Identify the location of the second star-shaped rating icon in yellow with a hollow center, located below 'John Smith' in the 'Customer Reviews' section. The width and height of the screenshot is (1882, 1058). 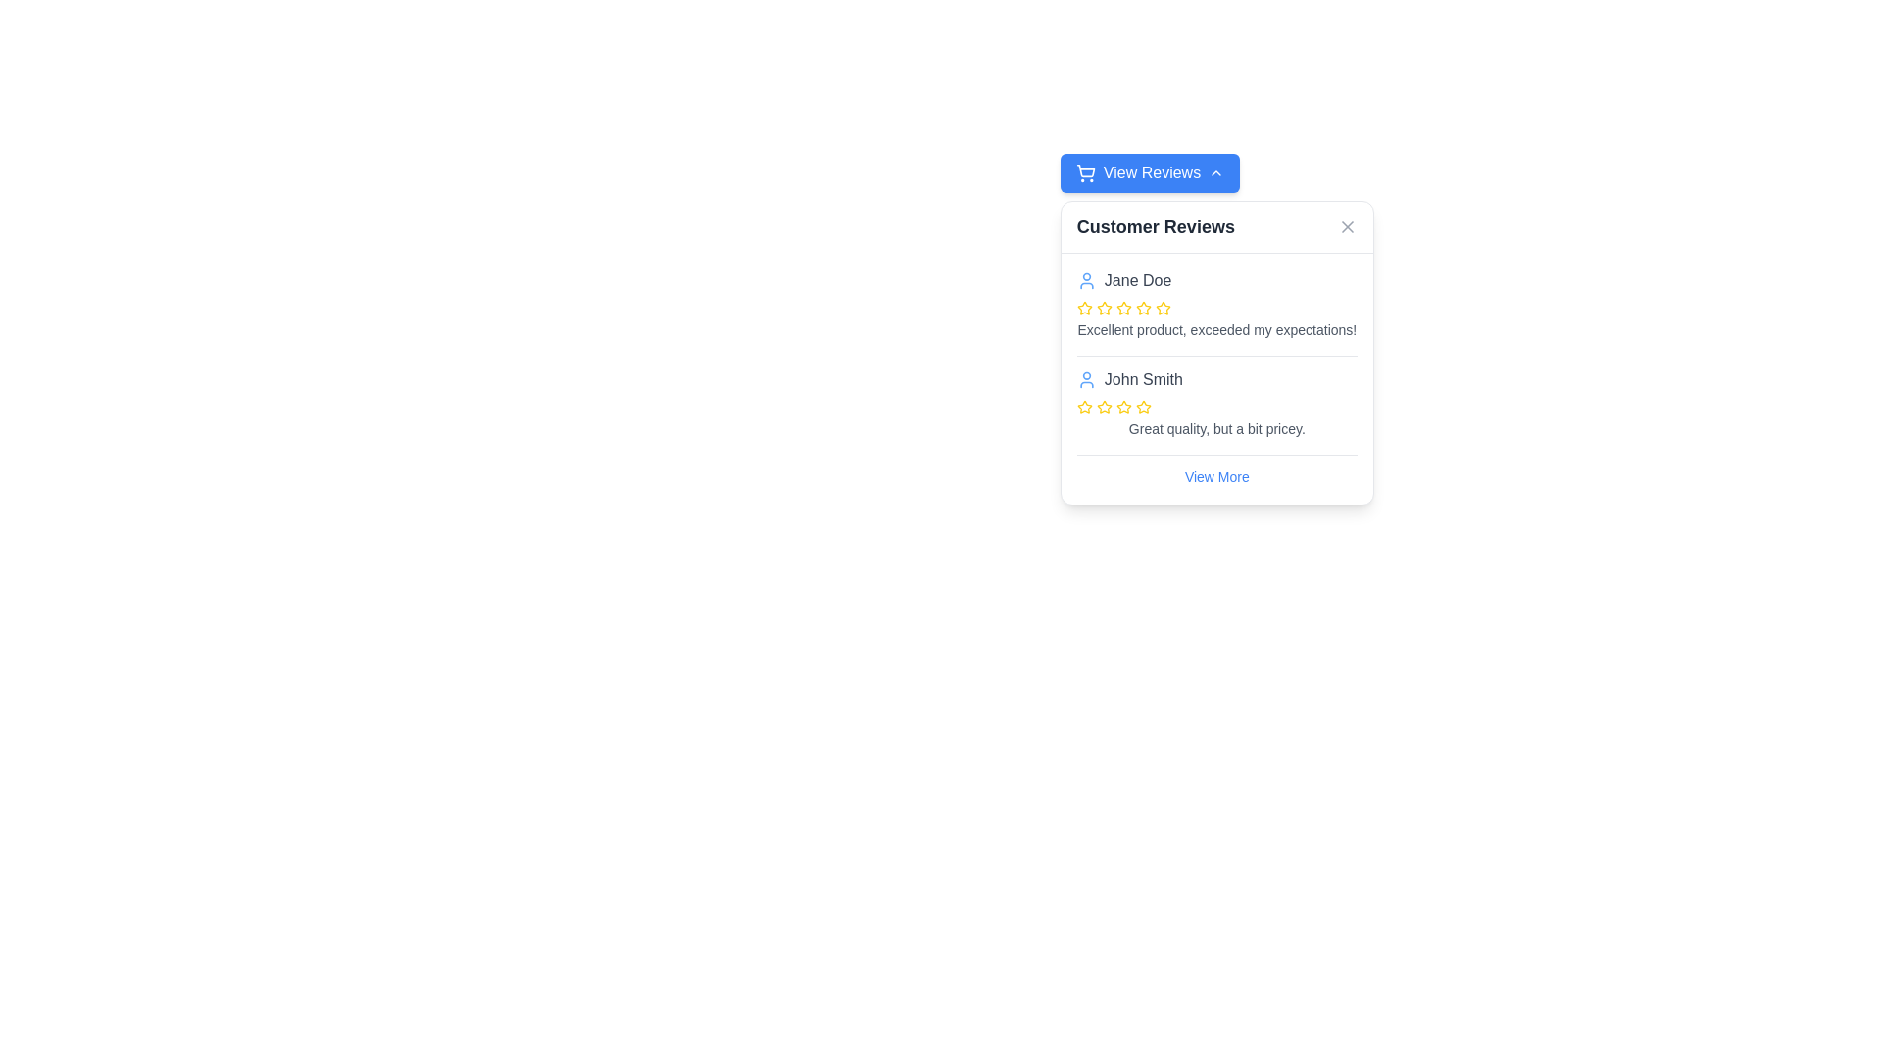
(1143, 406).